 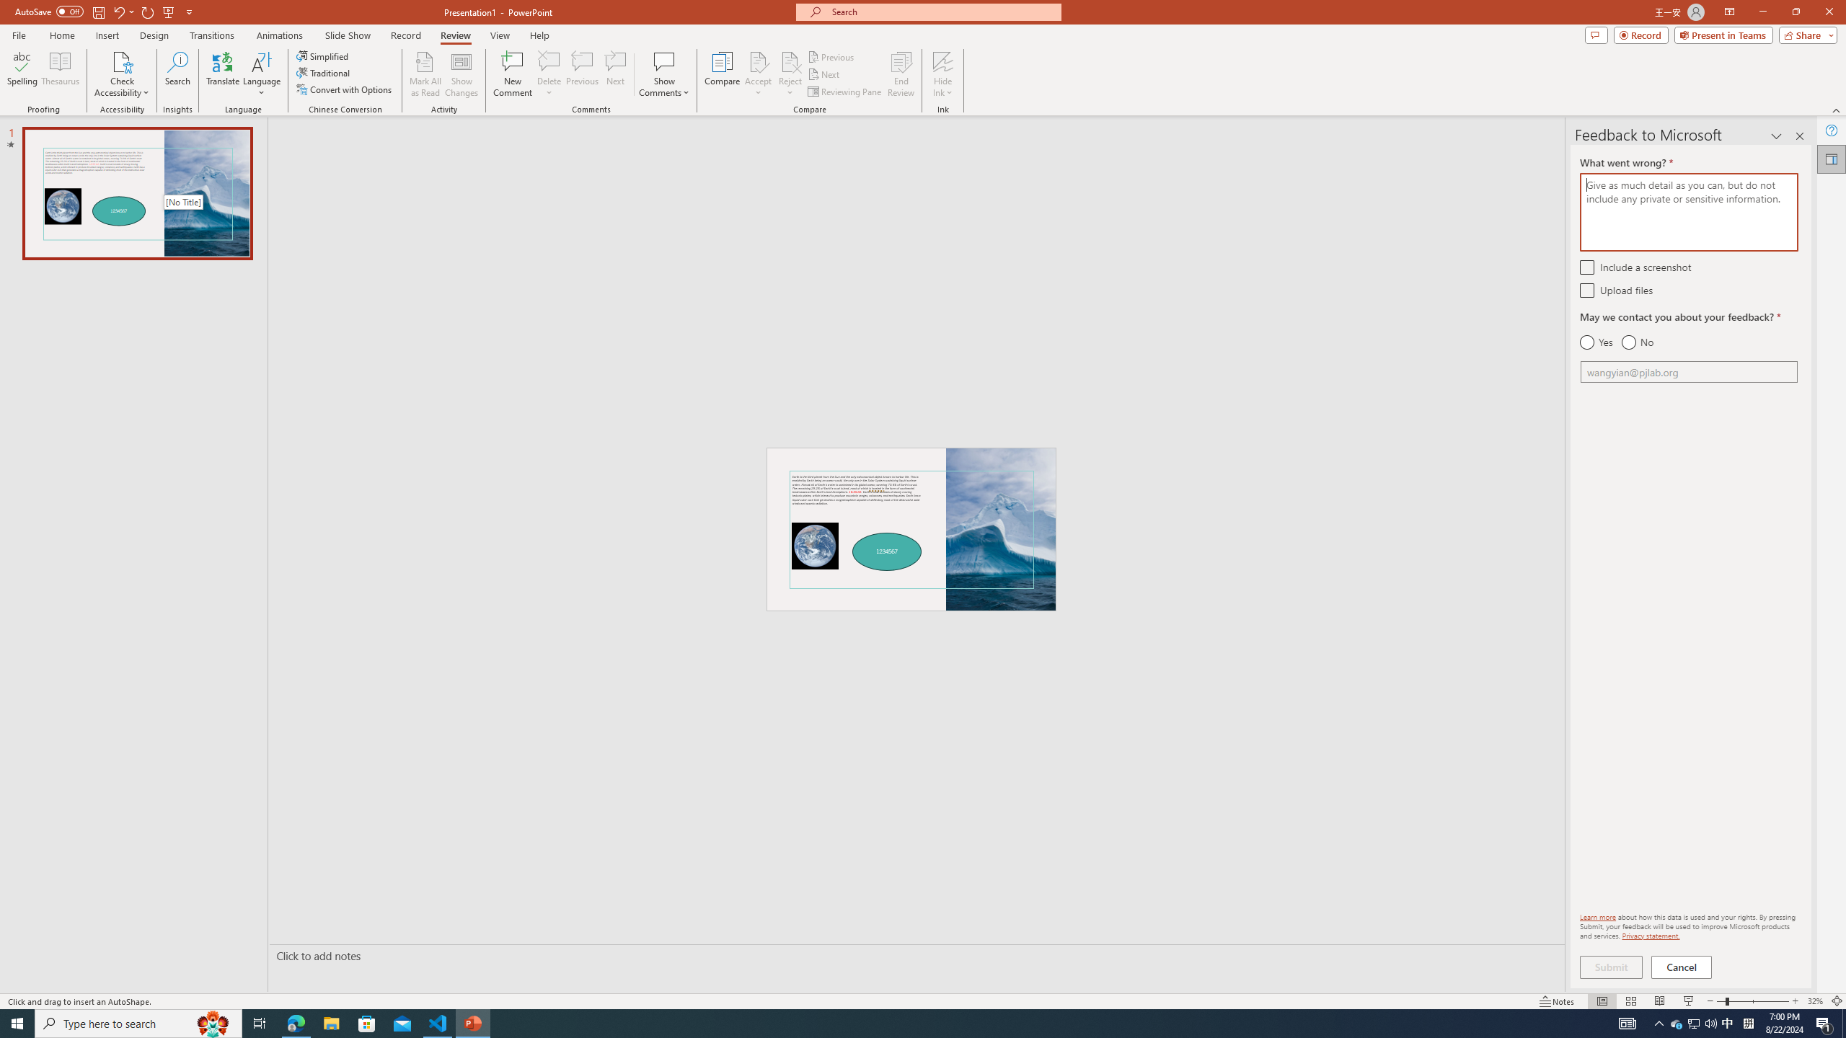 I want to click on 'Learn more', so click(x=1597, y=916).